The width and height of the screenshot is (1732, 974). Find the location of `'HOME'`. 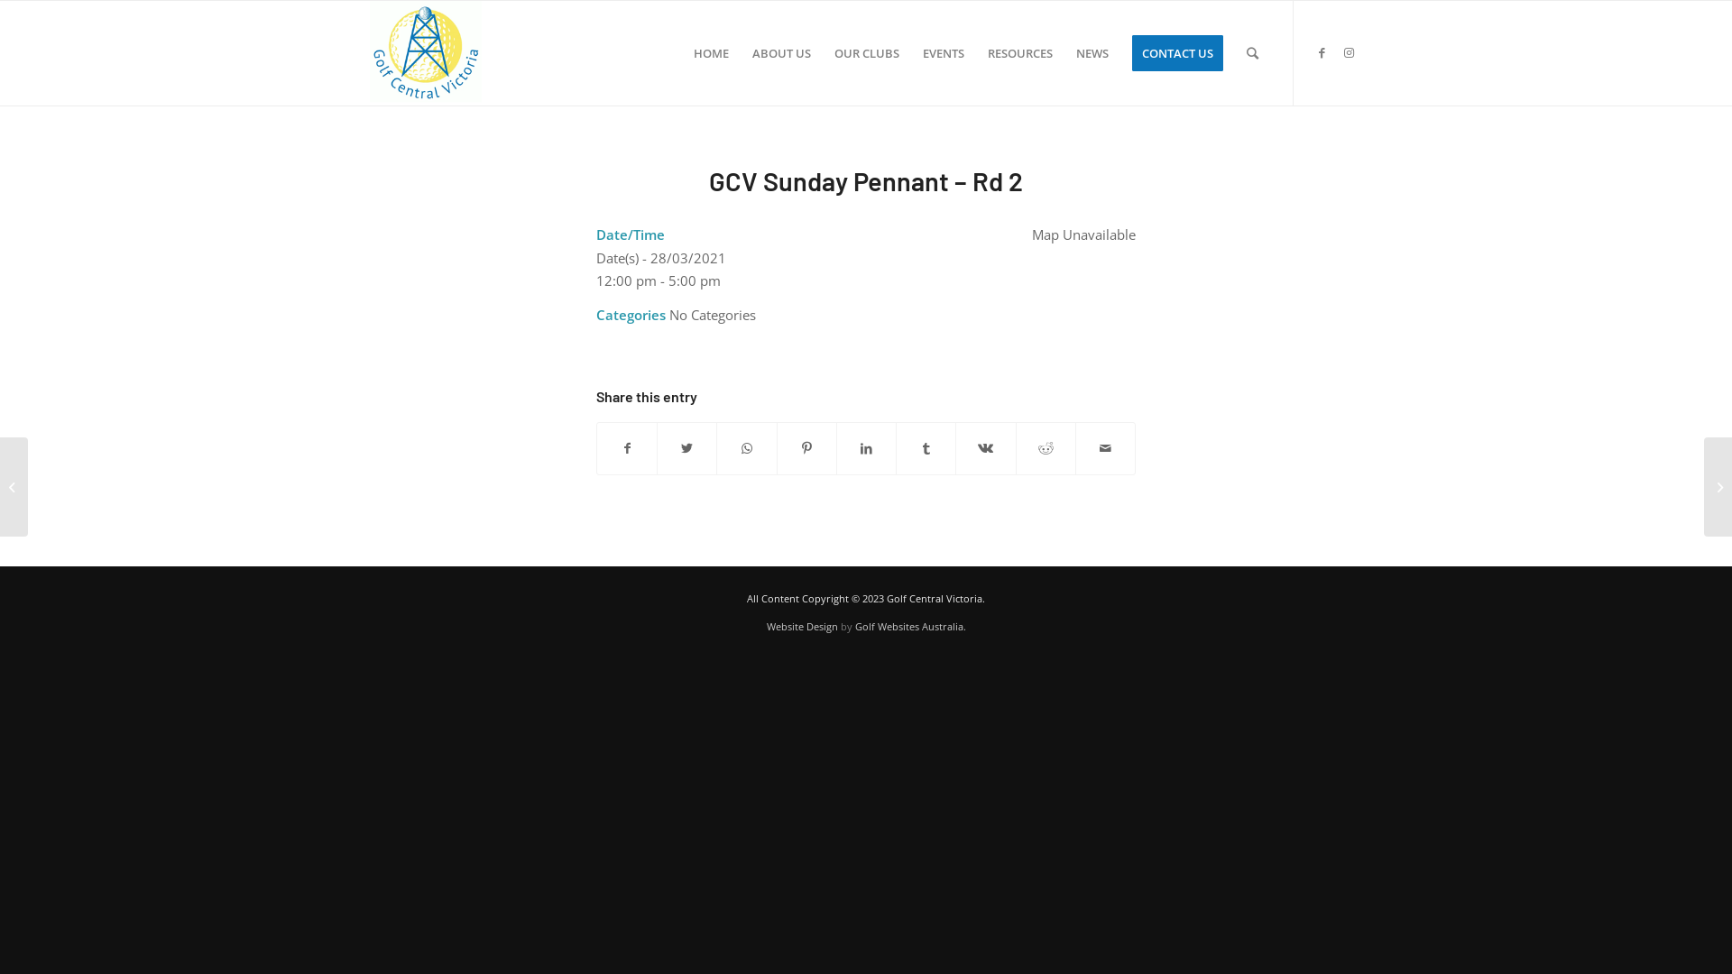

'HOME' is located at coordinates (710, 51).